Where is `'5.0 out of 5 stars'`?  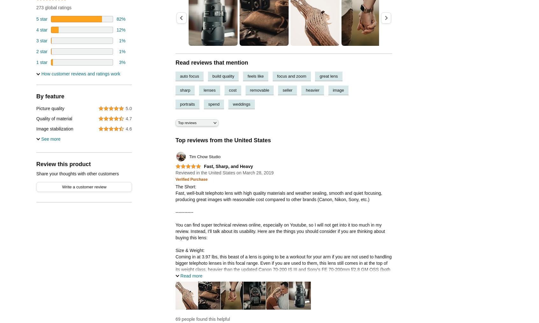
'5.0 out of 5 stars' is located at coordinates (186, 169).